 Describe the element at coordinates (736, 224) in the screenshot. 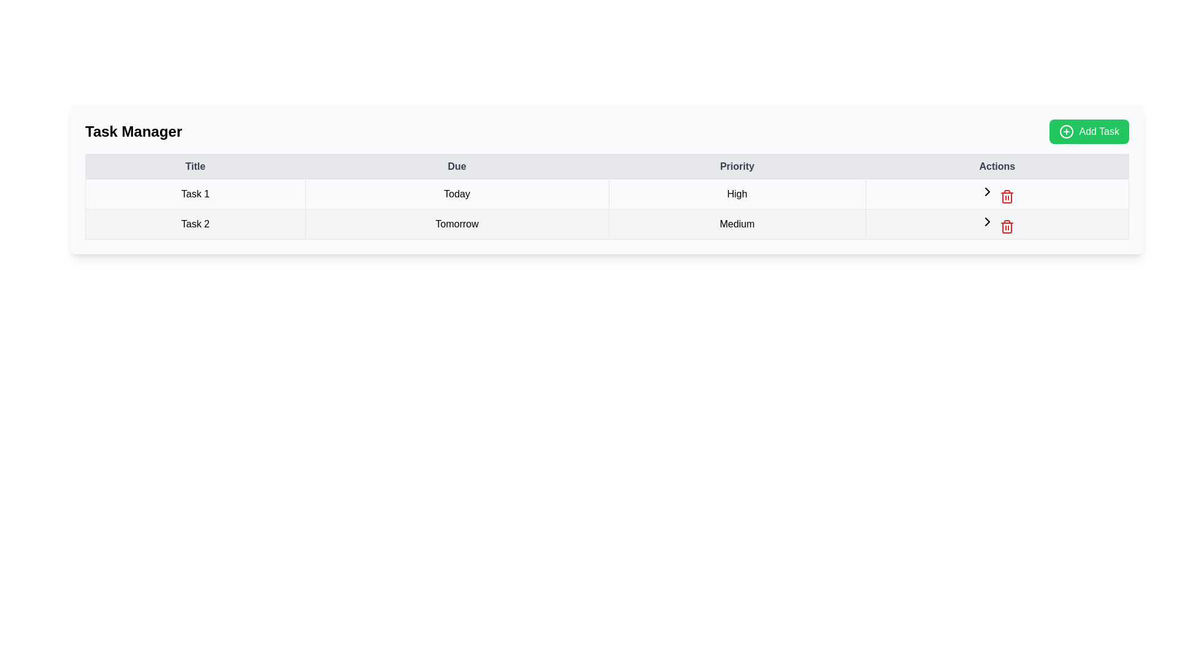

I see `the text cell displaying 'Medium' in the 'Priority' column of the task management table, specifically in the row labeled 'Task 2'` at that location.